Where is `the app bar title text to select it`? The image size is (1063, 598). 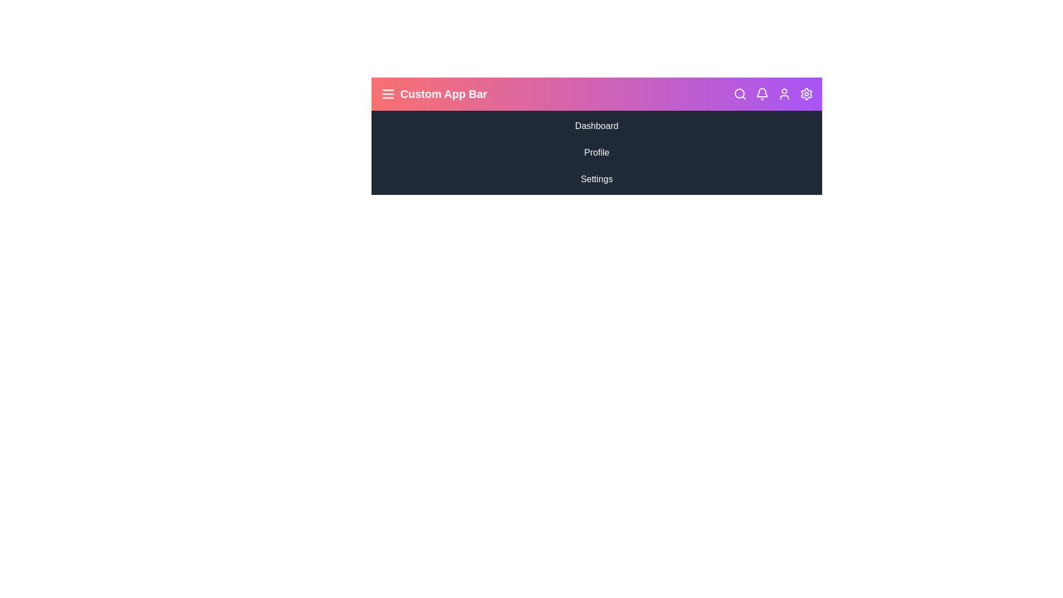
the app bar title text to select it is located at coordinates (443, 93).